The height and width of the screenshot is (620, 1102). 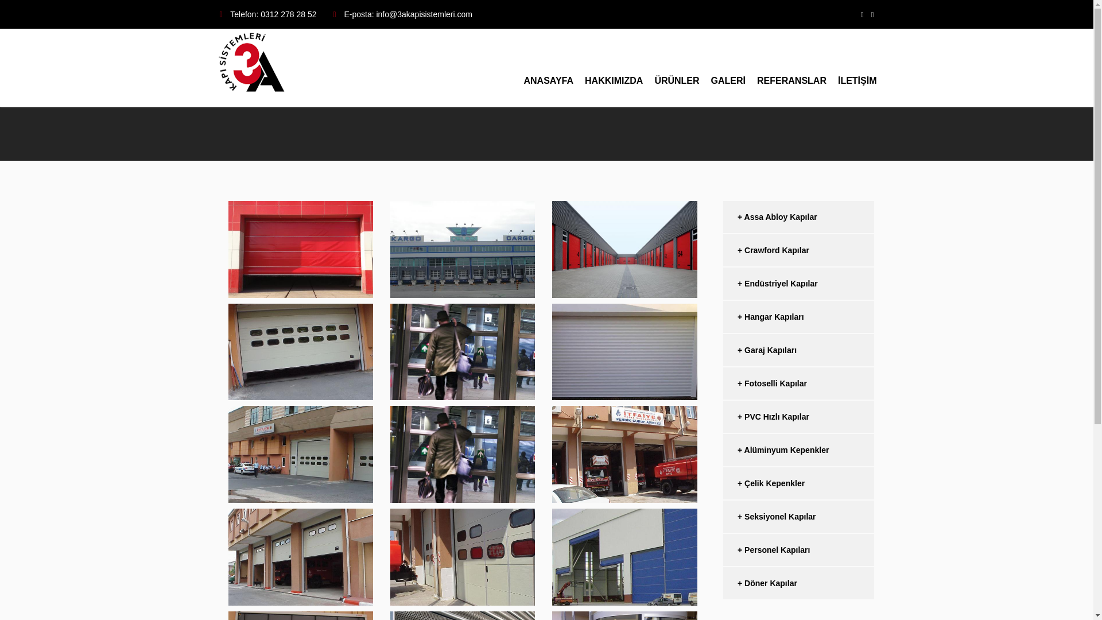 I want to click on 'REFERANSLAR', so click(x=791, y=68).